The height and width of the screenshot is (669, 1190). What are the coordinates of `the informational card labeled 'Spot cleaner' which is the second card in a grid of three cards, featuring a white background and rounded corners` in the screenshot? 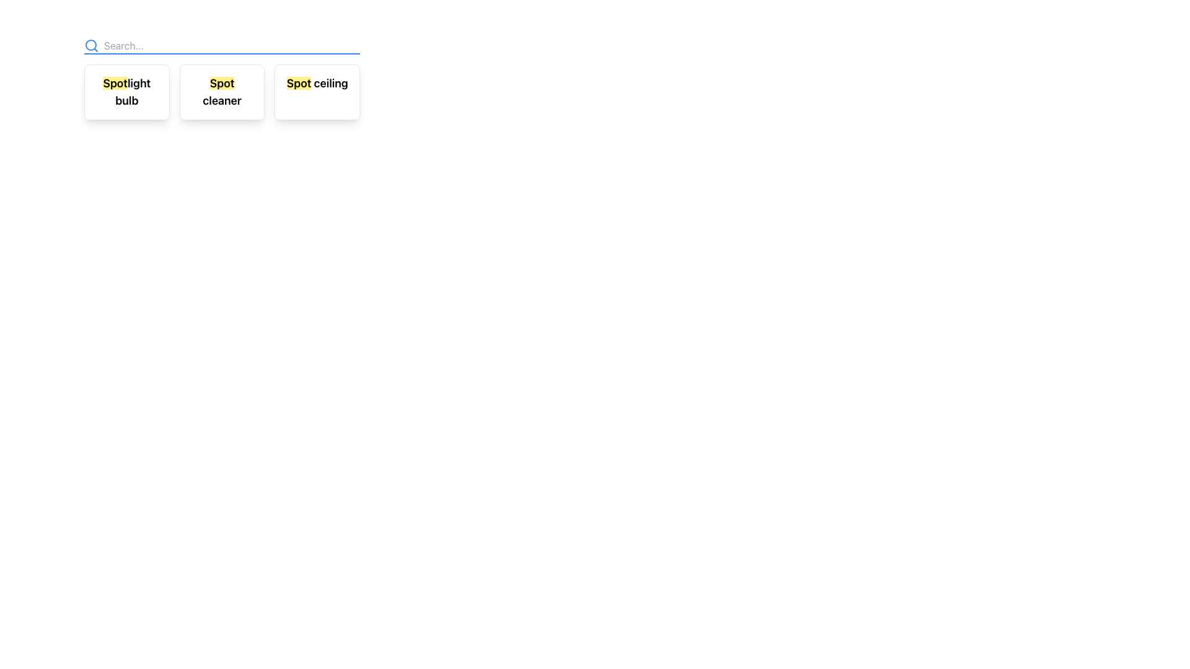 It's located at (222, 92).